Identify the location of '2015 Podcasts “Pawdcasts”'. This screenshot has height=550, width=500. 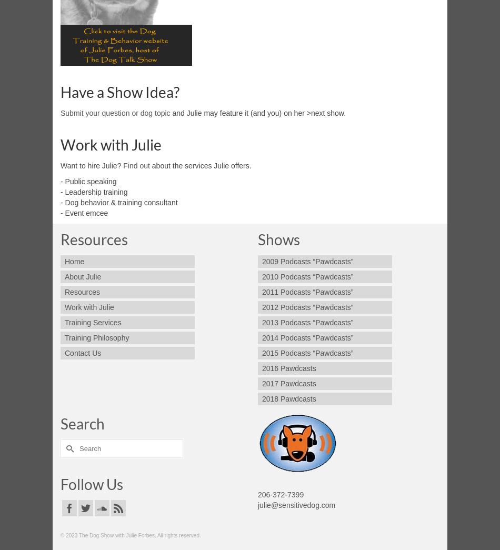
(307, 353).